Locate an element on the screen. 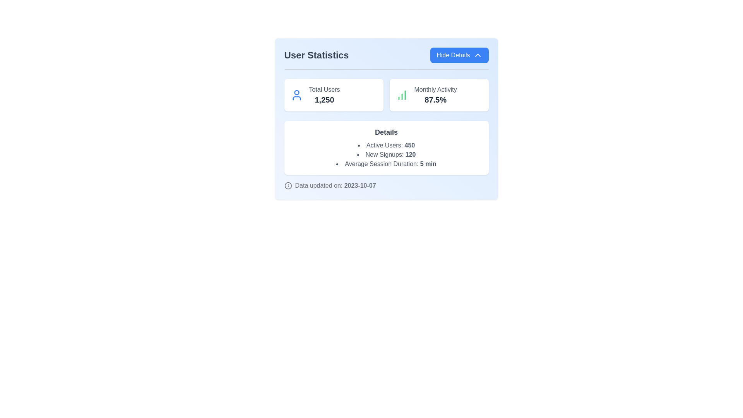 This screenshot has width=743, height=418. the static text label displaying the date of the last data update, located in the footer section of the 'User Statistics' card, to the right of 'Data updated on:' is located at coordinates (360, 185).